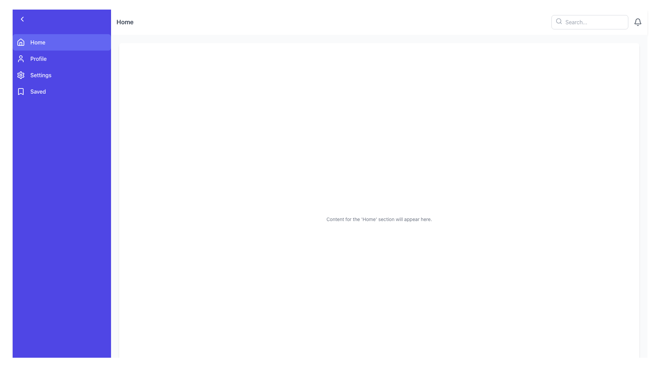 The height and width of the screenshot is (369, 656). What do you see at coordinates (62, 58) in the screenshot?
I see `the 'Profile' navigation menu item, which is the second item in the vertical menu list, located below 'Home' and above 'Settings'` at bounding box center [62, 58].